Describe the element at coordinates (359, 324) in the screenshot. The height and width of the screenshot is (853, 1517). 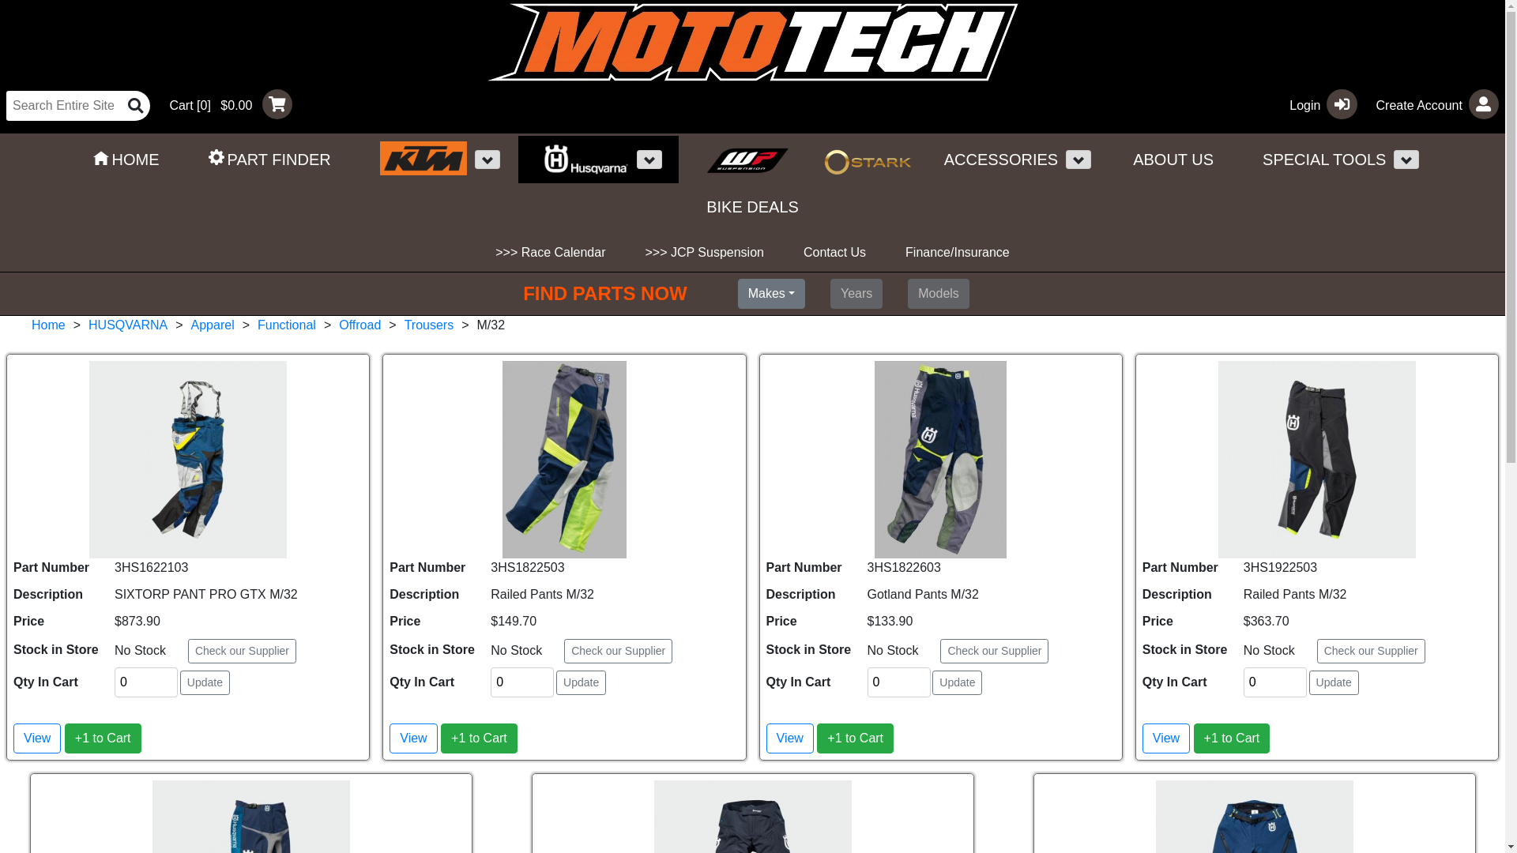
I see `'Offroad'` at that location.